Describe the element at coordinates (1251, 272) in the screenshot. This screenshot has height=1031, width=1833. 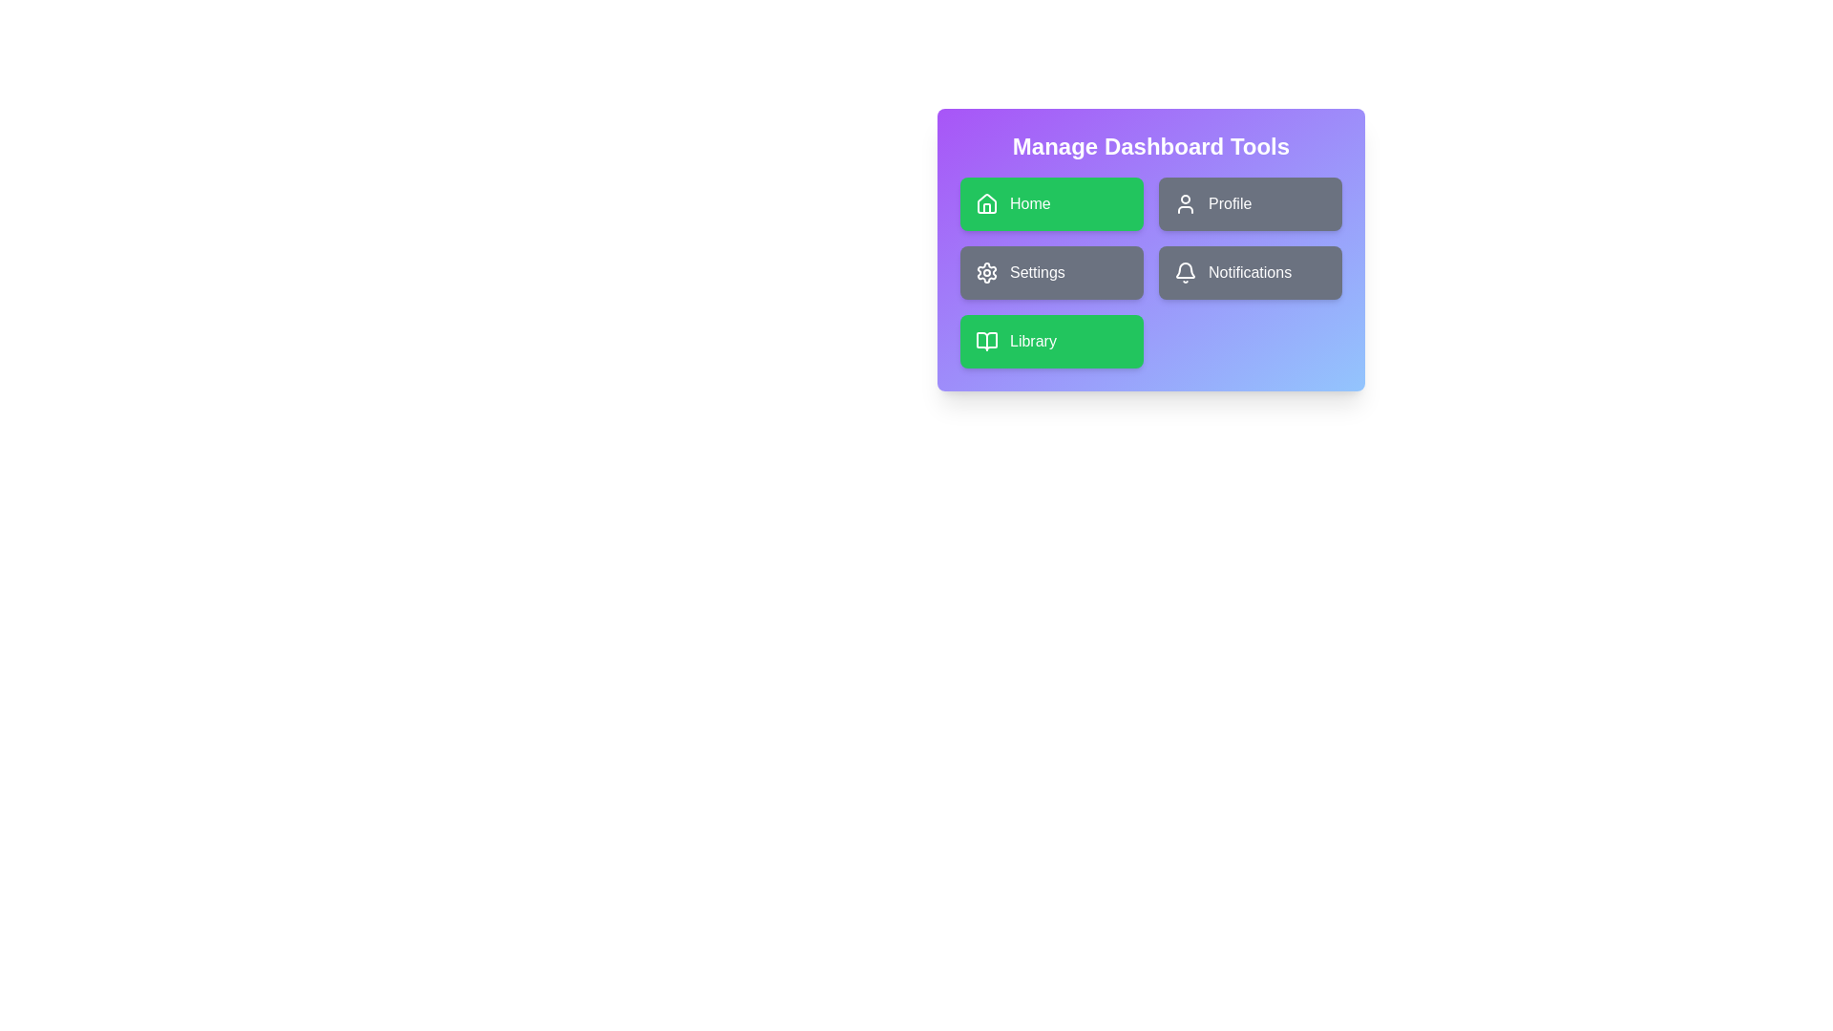
I see `the chip labeled Notifications to toggle its selection state` at that location.